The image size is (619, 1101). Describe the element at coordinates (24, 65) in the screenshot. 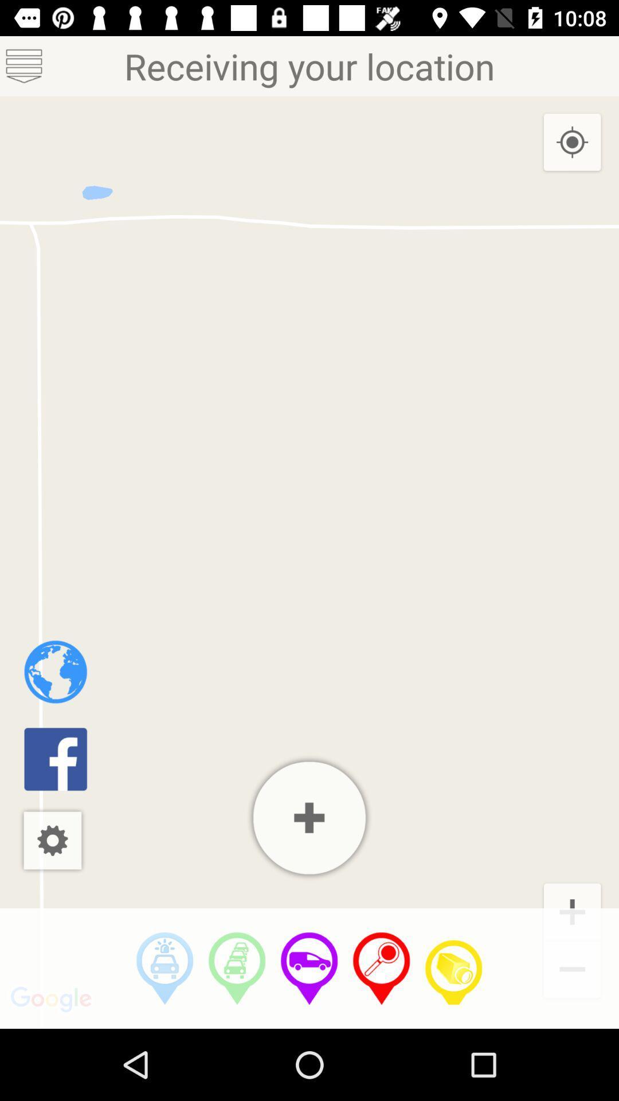

I see `menu` at that location.